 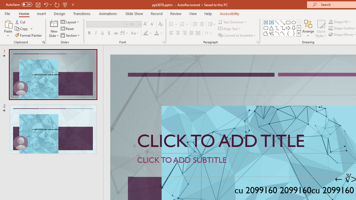 What do you see at coordinates (28, 35) in the screenshot?
I see `'Format Painter'` at bounding box center [28, 35].